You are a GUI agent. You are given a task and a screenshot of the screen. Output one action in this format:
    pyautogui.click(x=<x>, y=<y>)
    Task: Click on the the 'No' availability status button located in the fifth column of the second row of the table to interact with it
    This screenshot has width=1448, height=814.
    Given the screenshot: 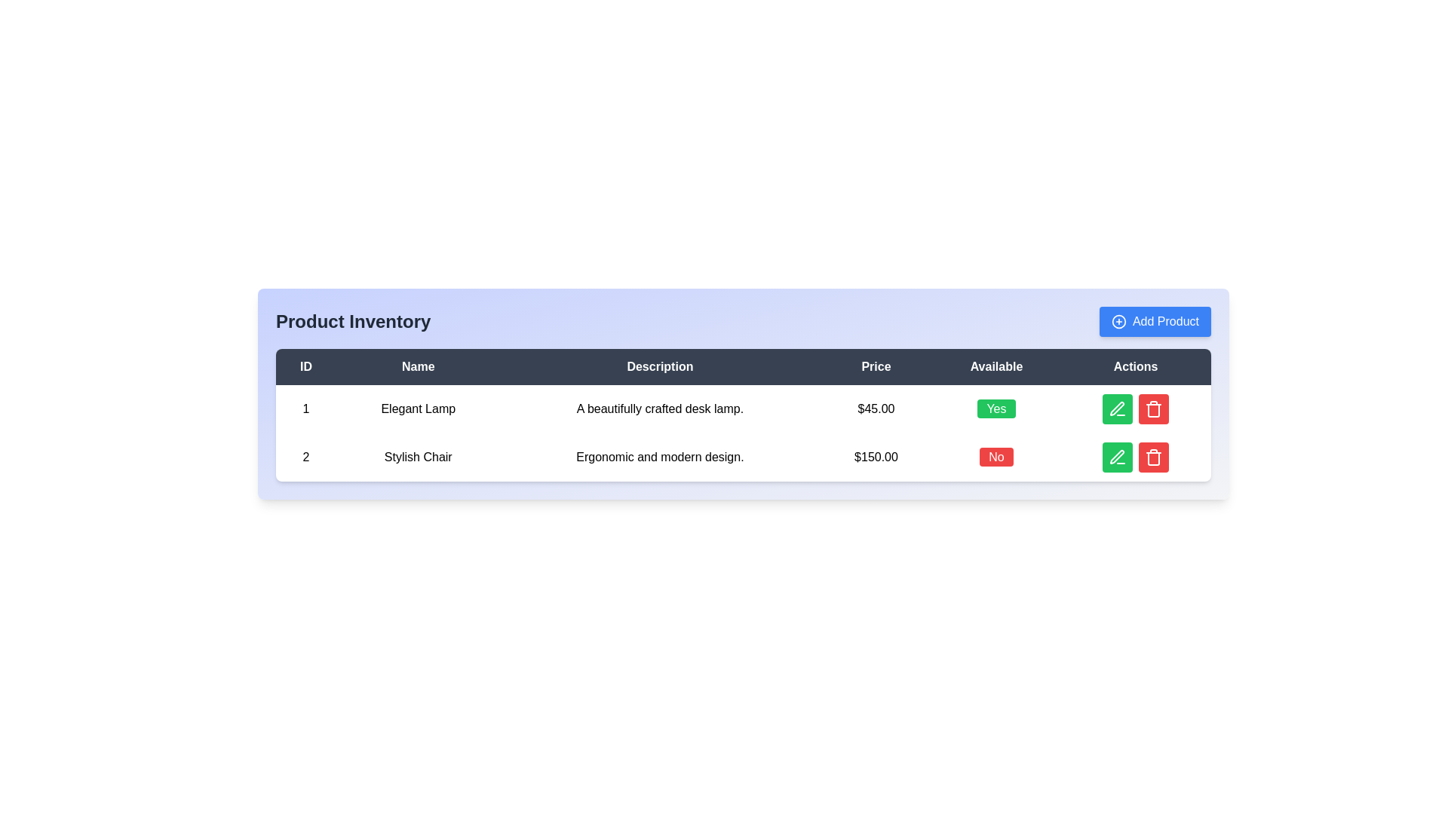 What is the action you would take?
    pyautogui.click(x=996, y=456)
    